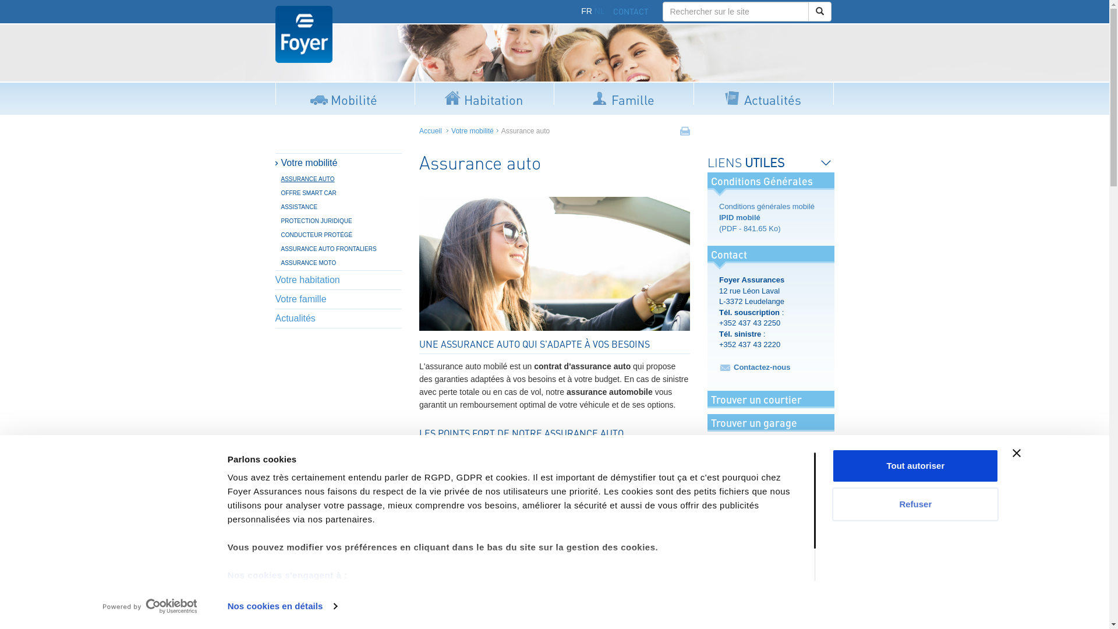 Image resolution: width=1118 pixels, height=629 pixels. I want to click on 'NL', so click(600, 11).